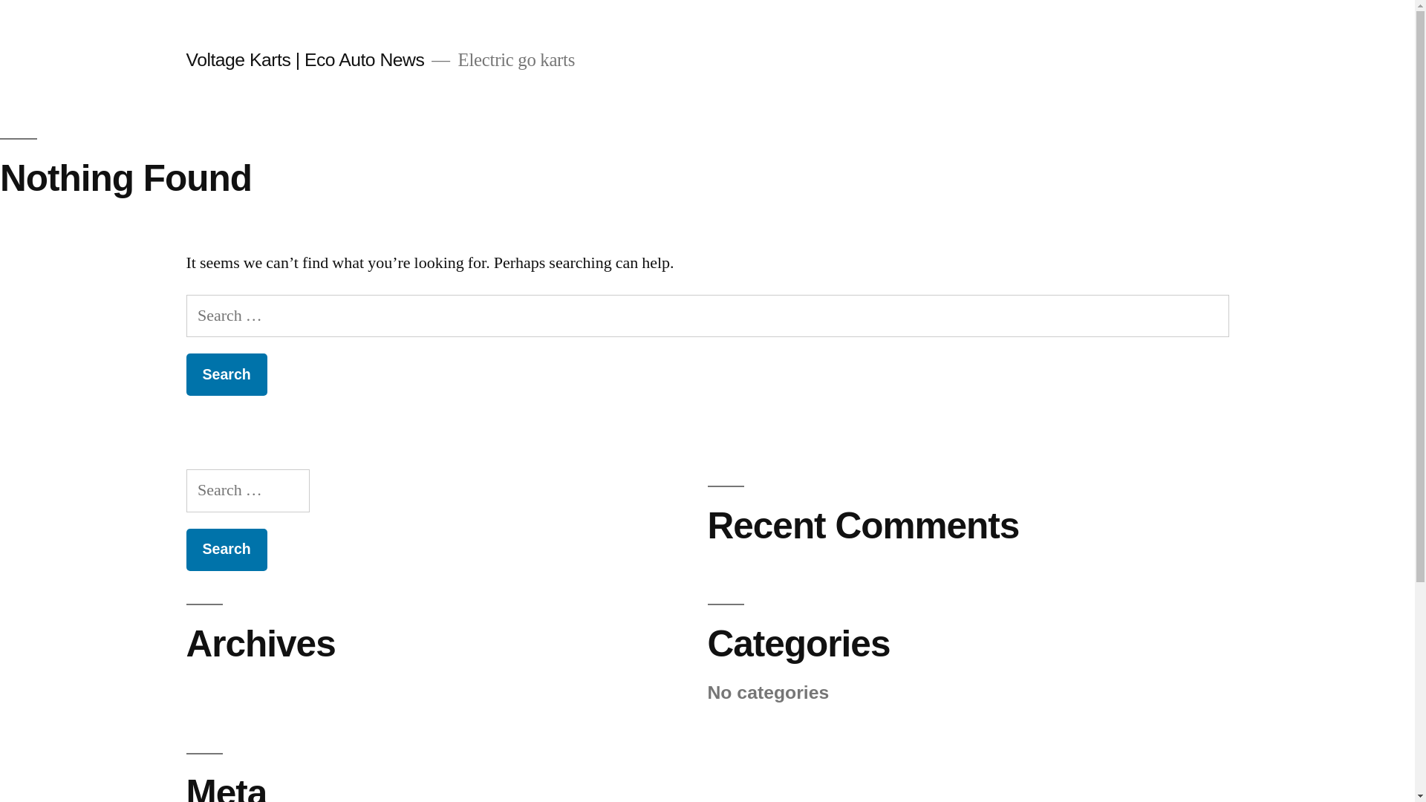 This screenshot has width=1426, height=802. I want to click on 'Search', so click(225, 550).